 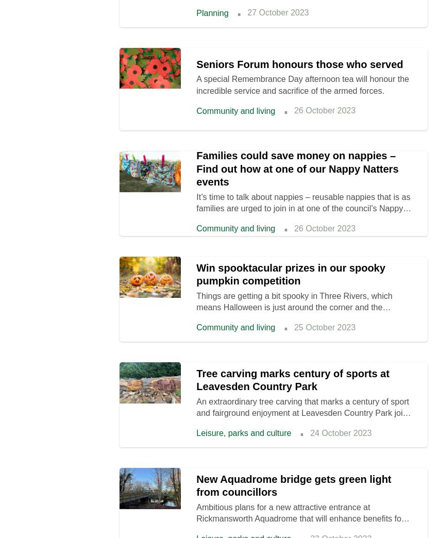 What do you see at coordinates (303, 208) in the screenshot?
I see `'It’s time to talk about nappies – reusable nappies that is as families are urged to join in at one of the council’s Nappy Natters demonstrations this November.'` at bounding box center [303, 208].